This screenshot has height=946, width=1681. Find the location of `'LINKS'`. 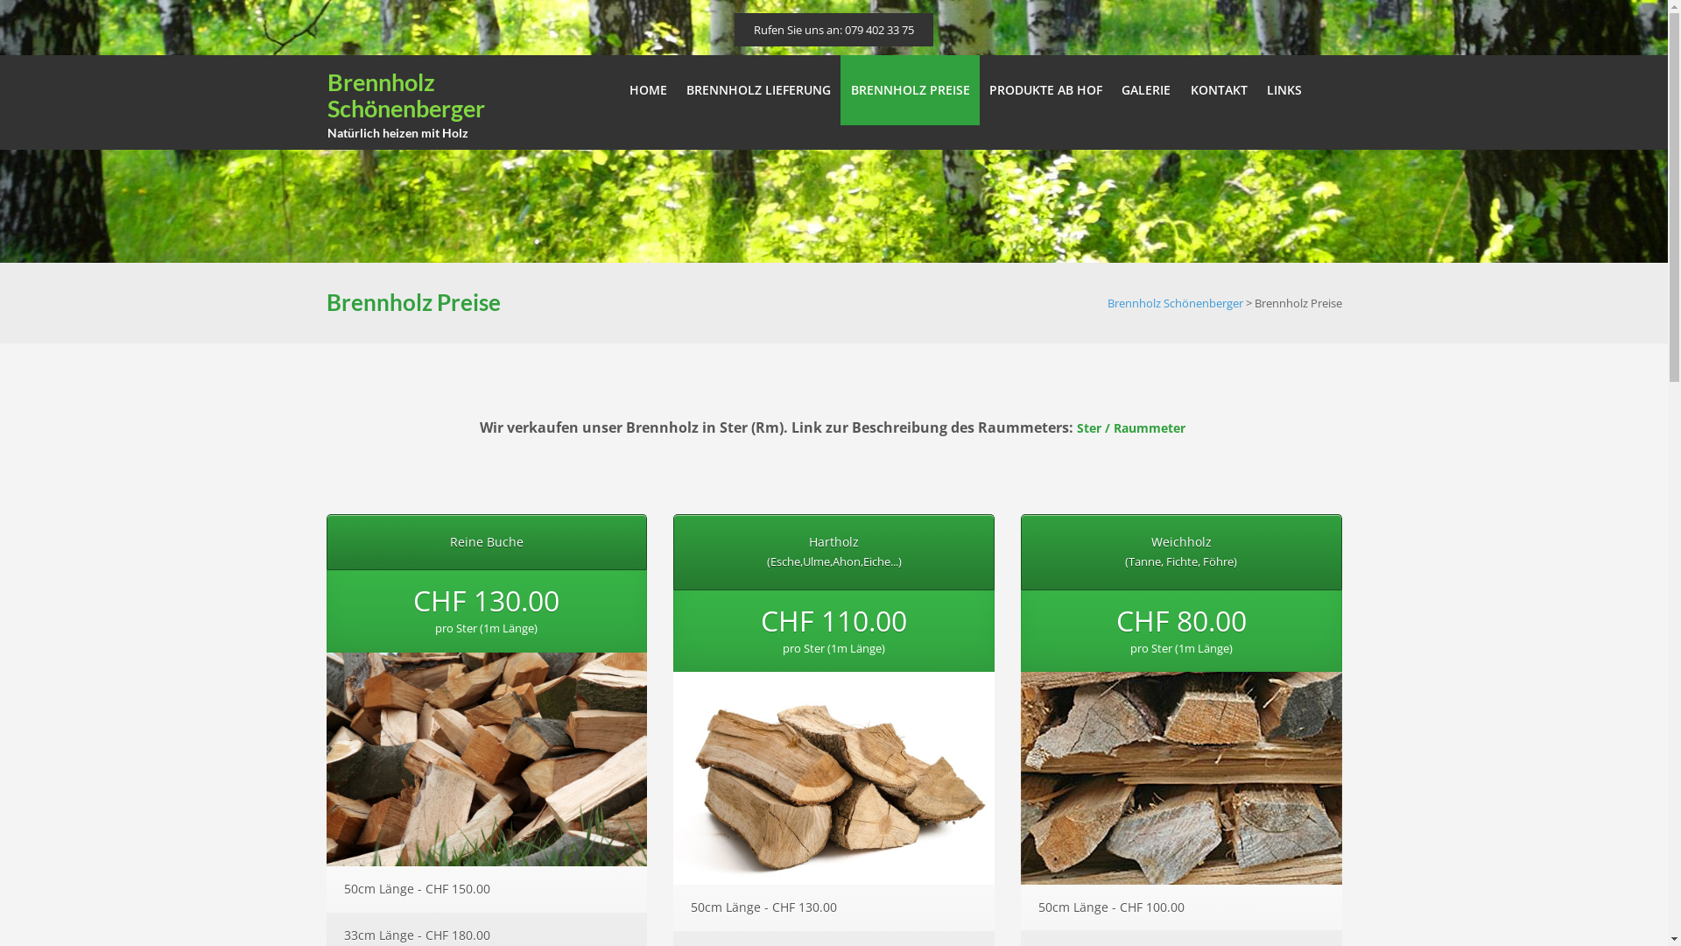

'LINKS' is located at coordinates (1284, 90).